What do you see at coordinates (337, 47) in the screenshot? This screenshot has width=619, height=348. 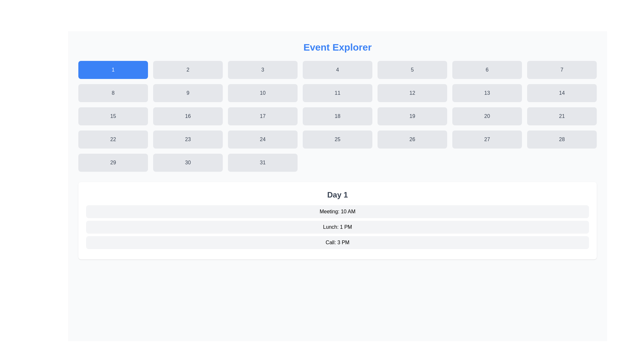 I see `the main title Text label located at the top center of the layout, which provides context for the interface` at bounding box center [337, 47].